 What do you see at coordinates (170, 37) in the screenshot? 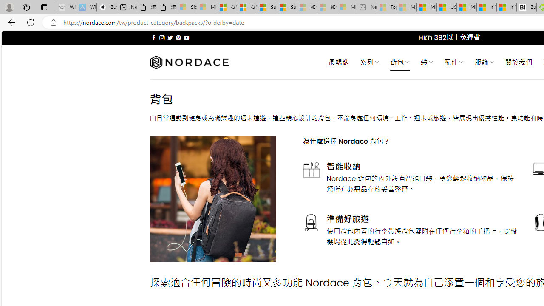
I see `'Follow on Twitter'` at bounding box center [170, 37].